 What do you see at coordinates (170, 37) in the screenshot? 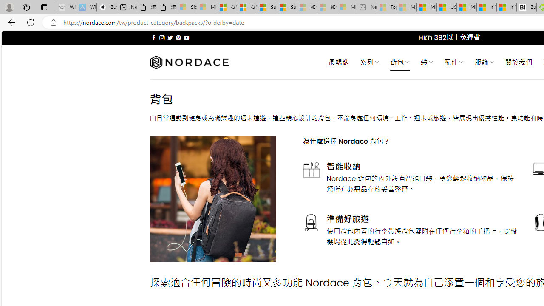
I see `'Follow on Twitter'` at bounding box center [170, 37].